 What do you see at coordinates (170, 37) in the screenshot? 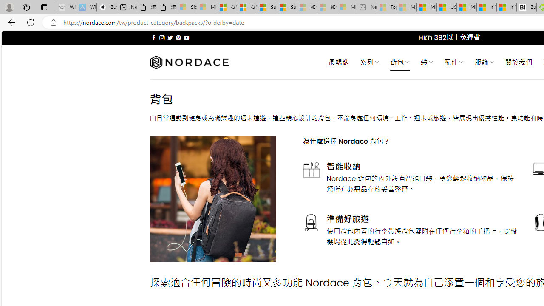
I see `'Follow on Twitter'` at bounding box center [170, 37].